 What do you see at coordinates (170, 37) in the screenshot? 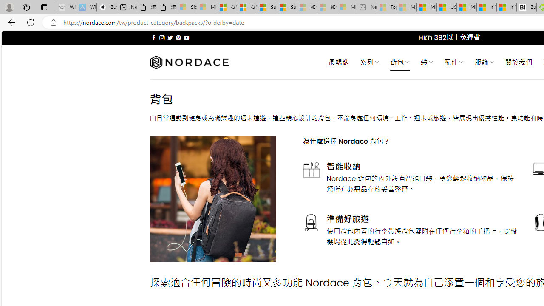
I see `'Follow on Twitter'` at bounding box center [170, 37].